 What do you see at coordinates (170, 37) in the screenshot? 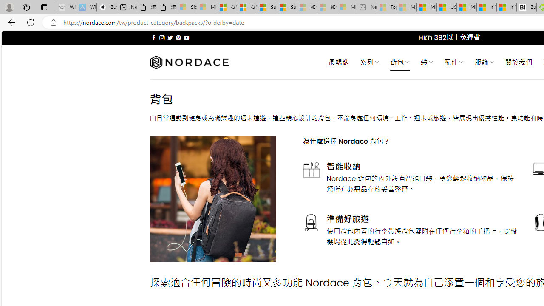
I see `'Follow on Twitter'` at bounding box center [170, 37].